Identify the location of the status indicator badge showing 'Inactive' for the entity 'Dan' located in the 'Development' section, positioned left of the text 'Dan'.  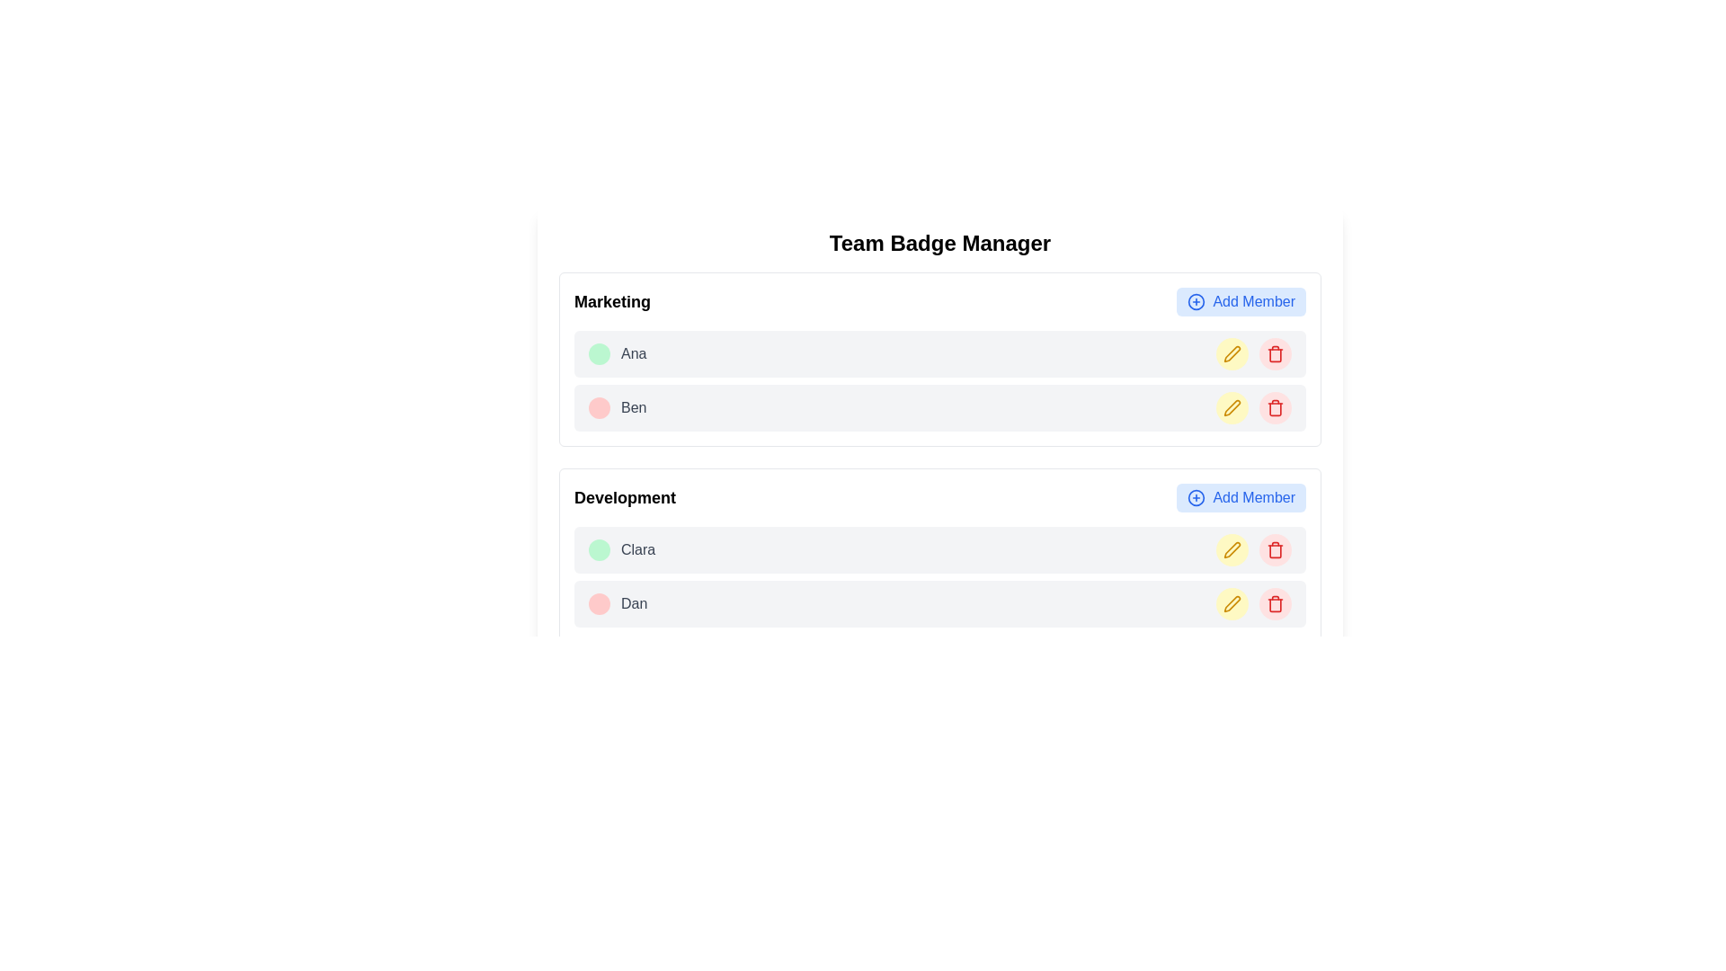
(600, 603).